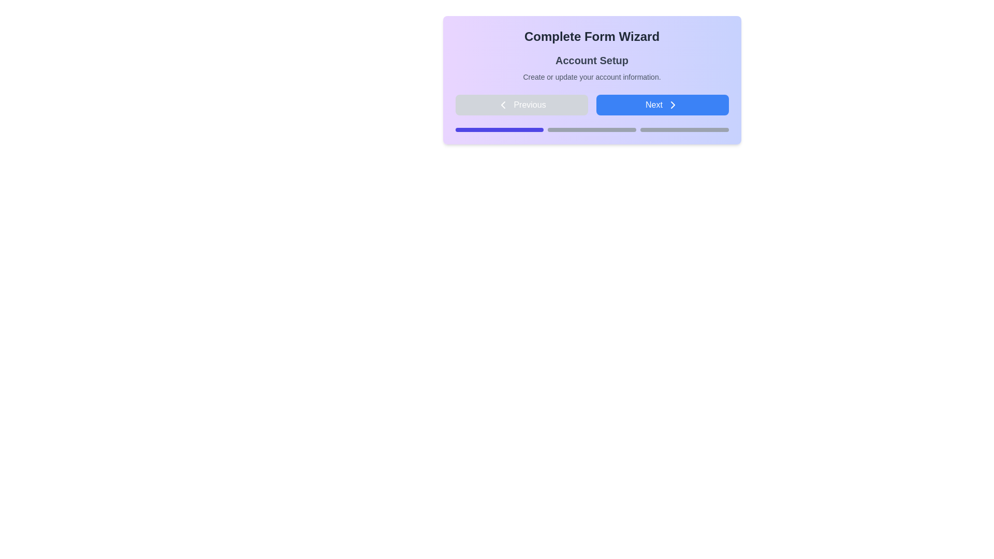  Describe the element at coordinates (499, 129) in the screenshot. I see `the first progress indicator, which is a slim, horizontally elongated rectangle with a prominent indigo color, positioned to the far left below the 'Previous' and 'Next' buttons` at that location.